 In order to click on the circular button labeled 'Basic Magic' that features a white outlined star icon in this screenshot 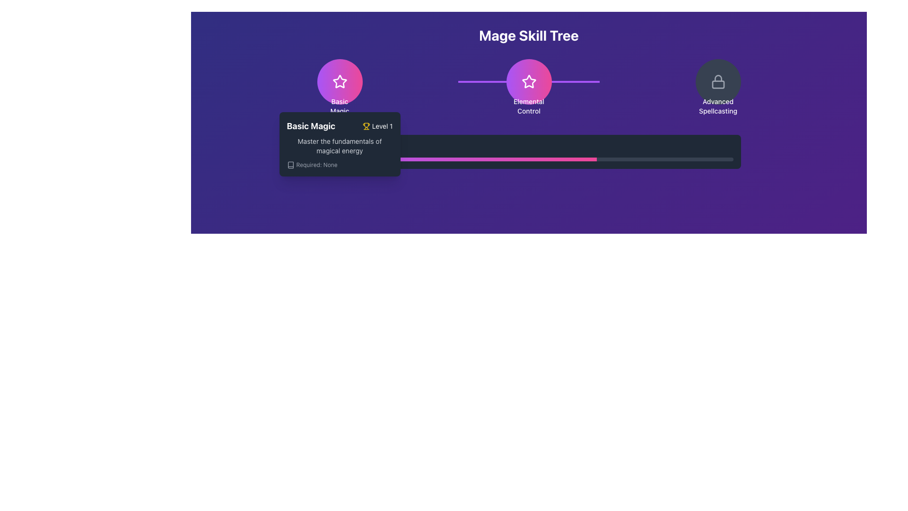, I will do `click(340, 81)`.